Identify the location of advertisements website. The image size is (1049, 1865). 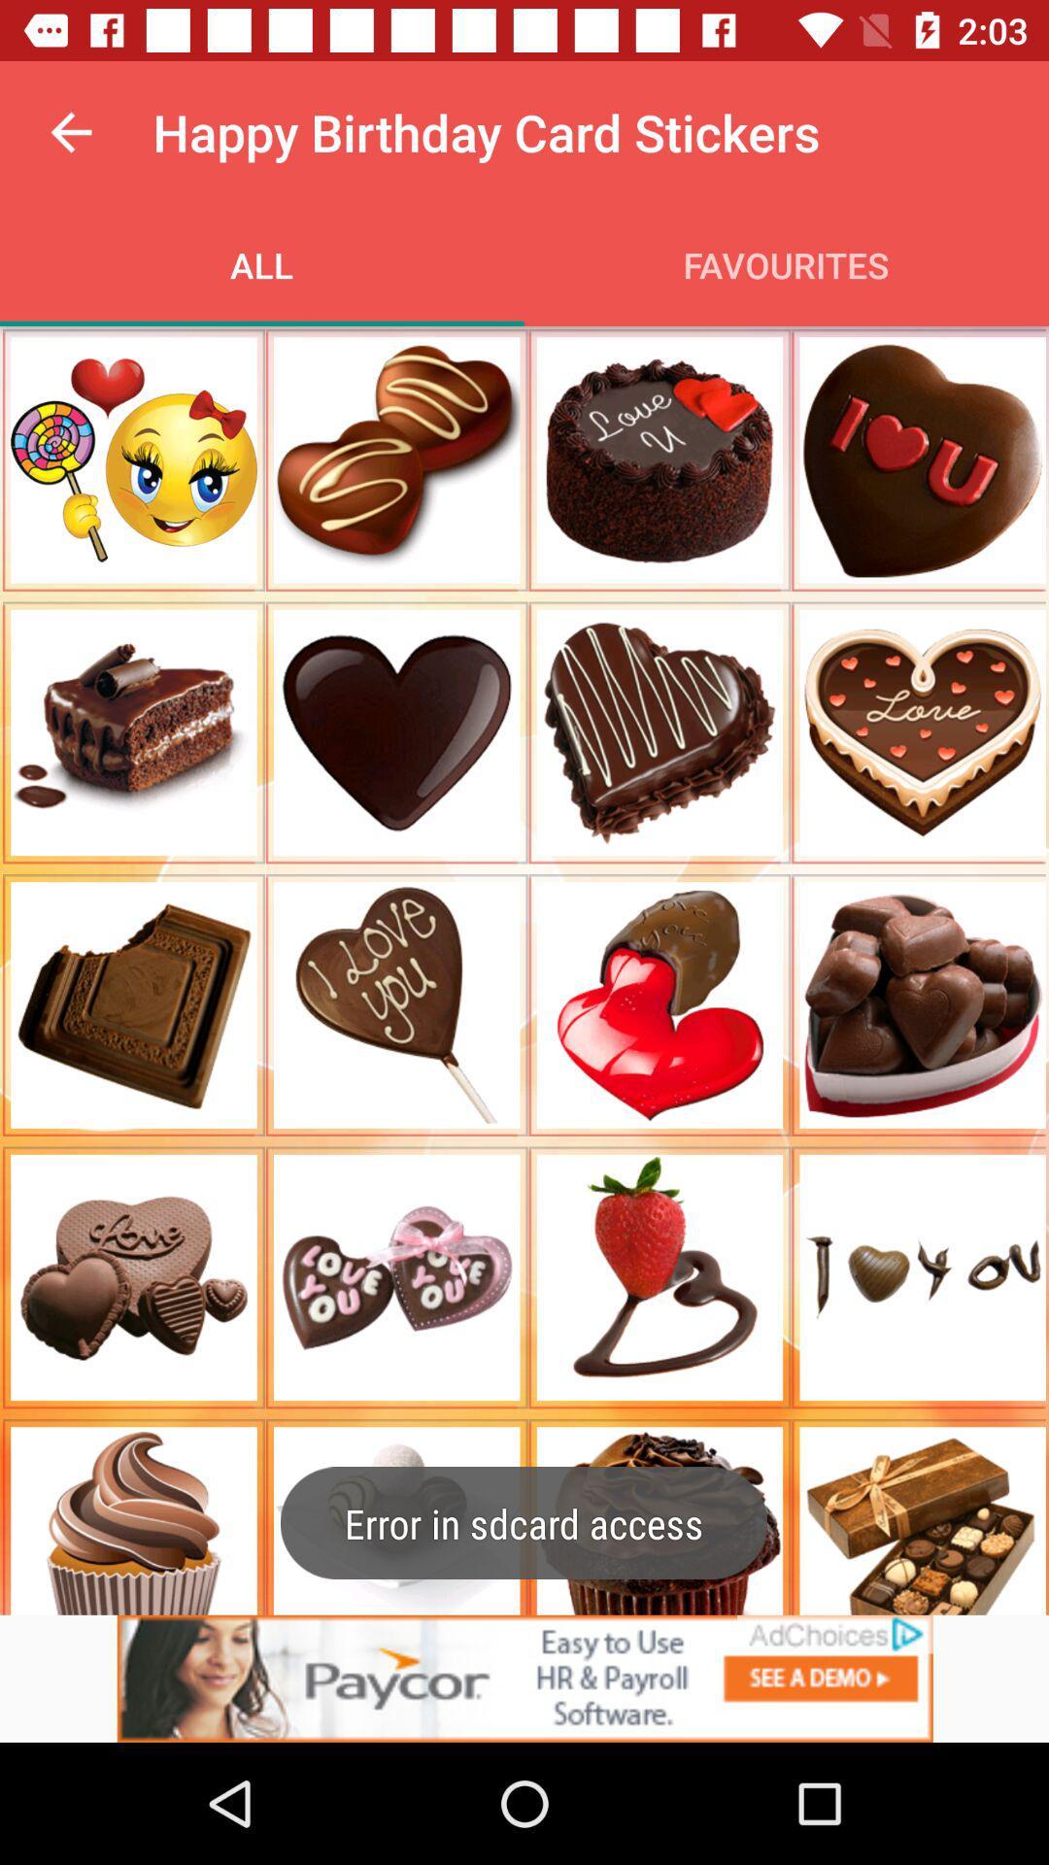
(524, 1678).